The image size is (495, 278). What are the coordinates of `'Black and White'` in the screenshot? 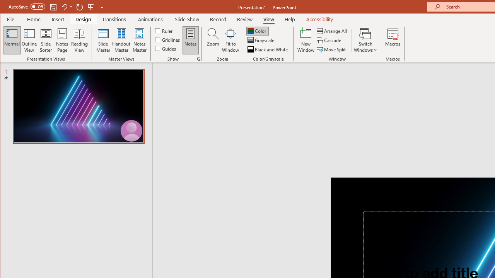 It's located at (268, 49).